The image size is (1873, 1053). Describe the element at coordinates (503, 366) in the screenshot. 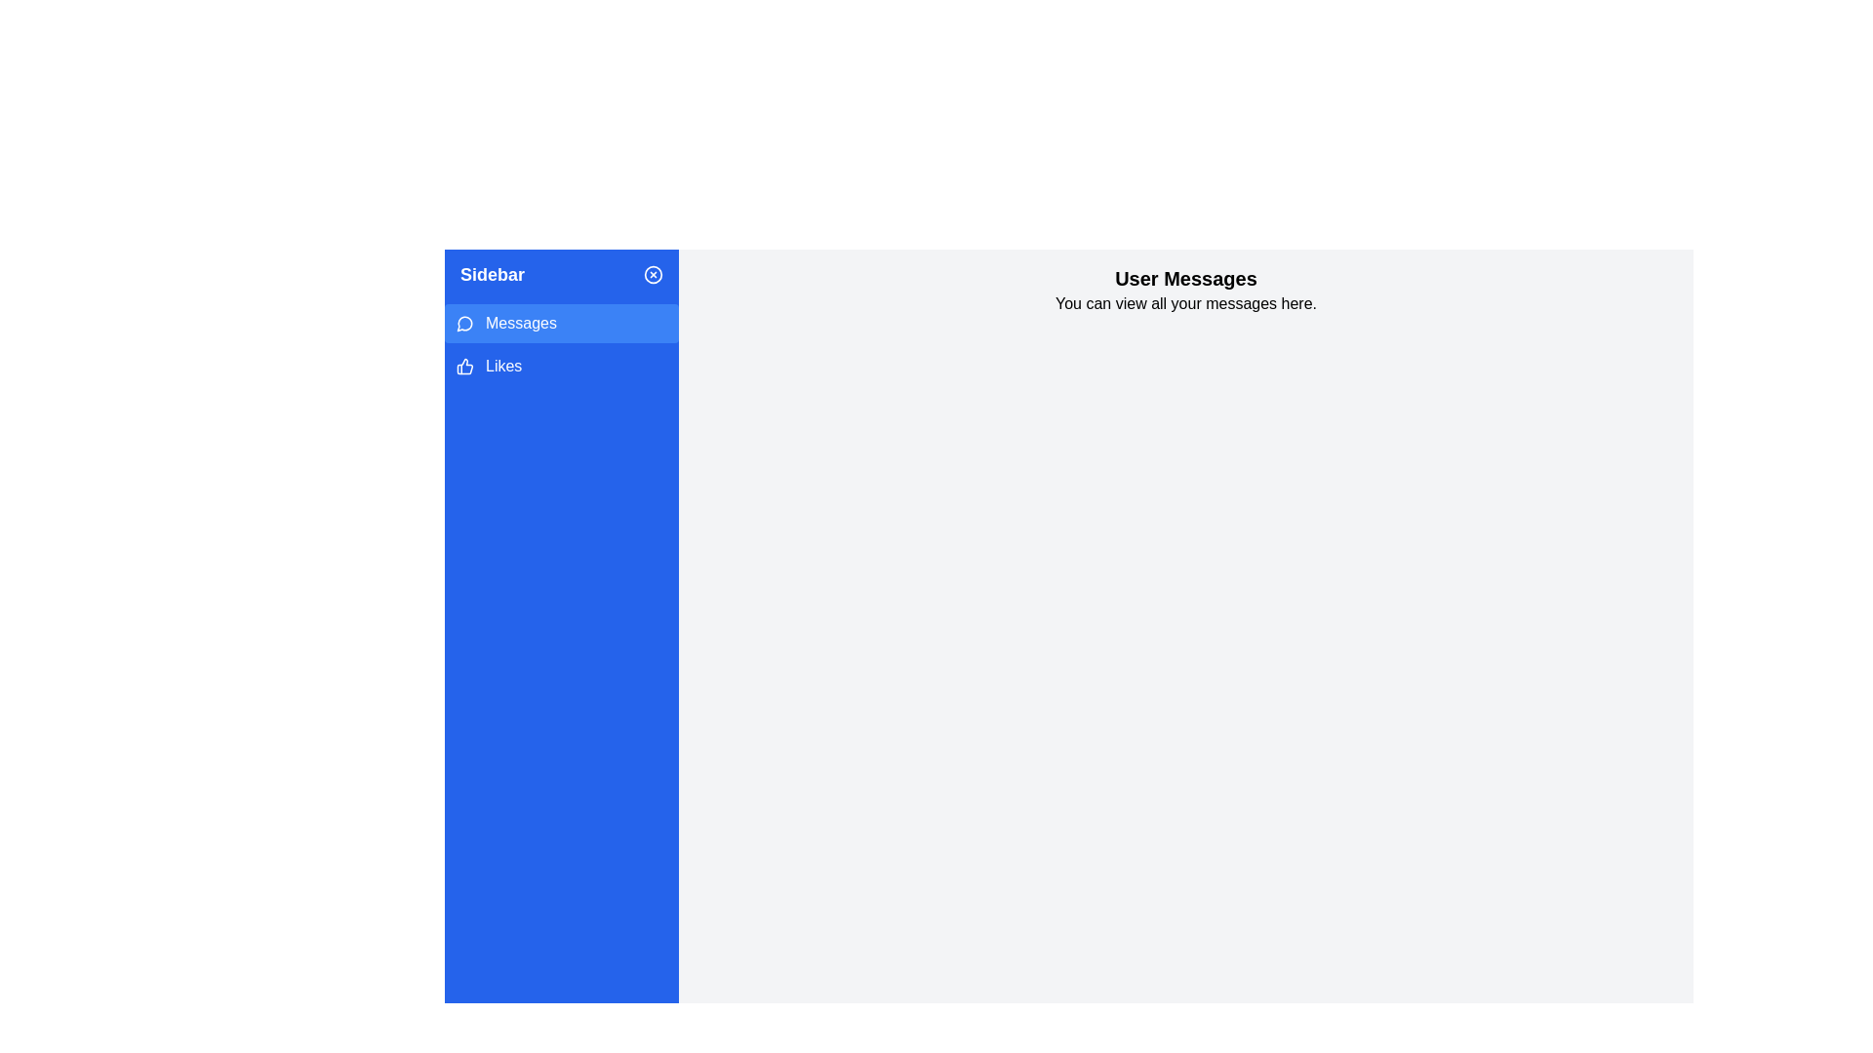

I see `the 'Likes' text label located in the blue sidebar panel, immediately following the thumbs-up icon, to interact with the section` at that location.